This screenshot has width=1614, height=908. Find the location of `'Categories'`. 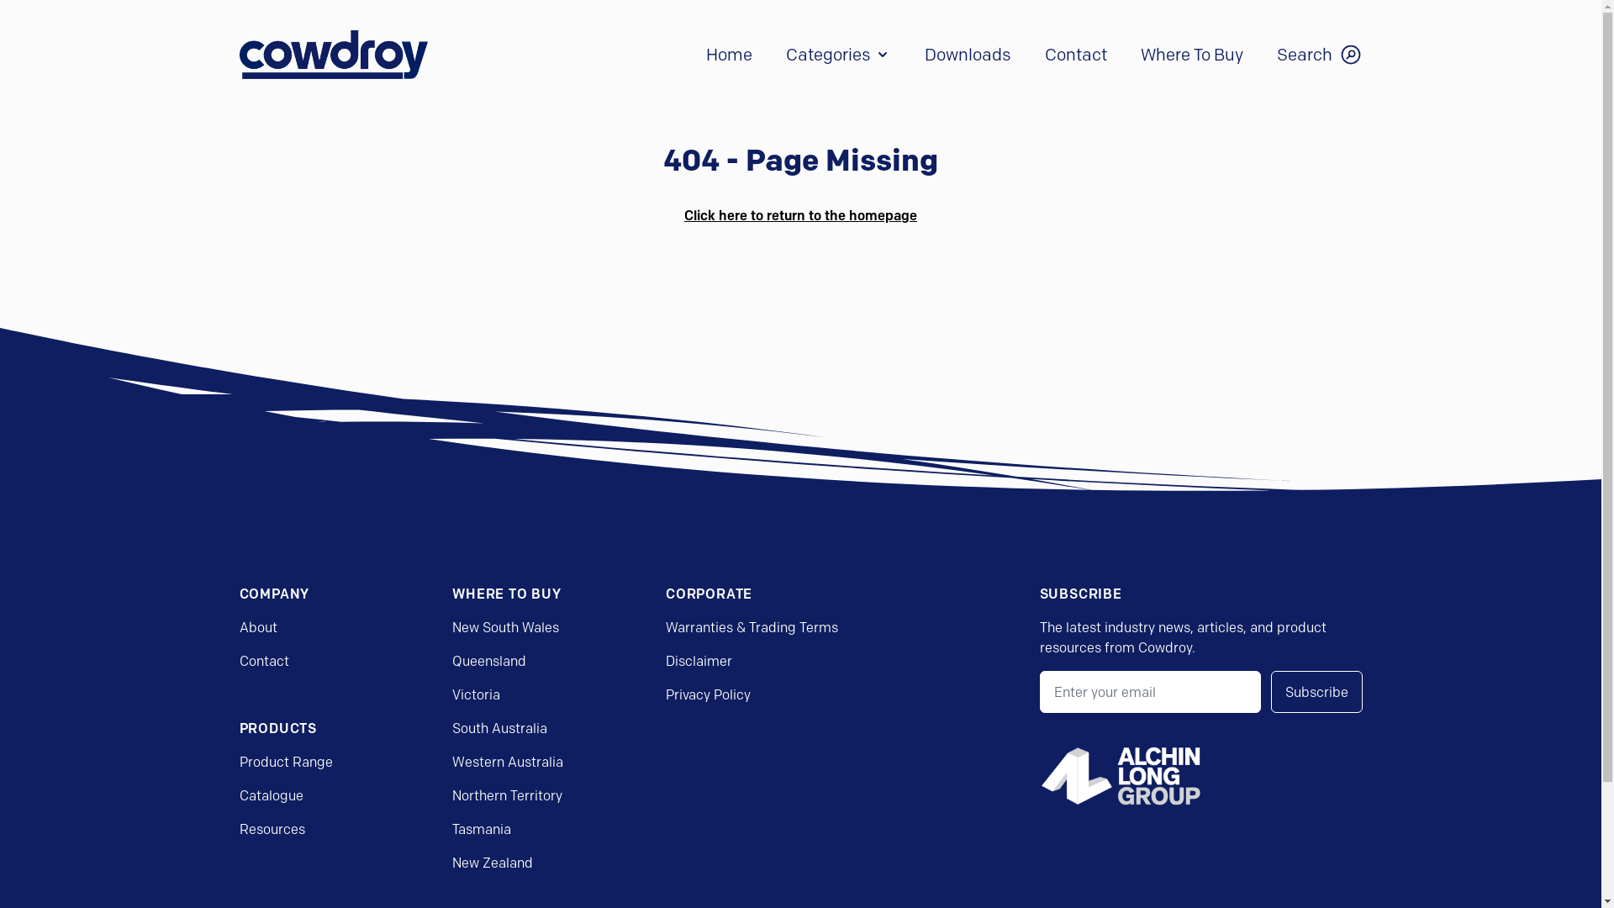

'Categories' is located at coordinates (784, 54).